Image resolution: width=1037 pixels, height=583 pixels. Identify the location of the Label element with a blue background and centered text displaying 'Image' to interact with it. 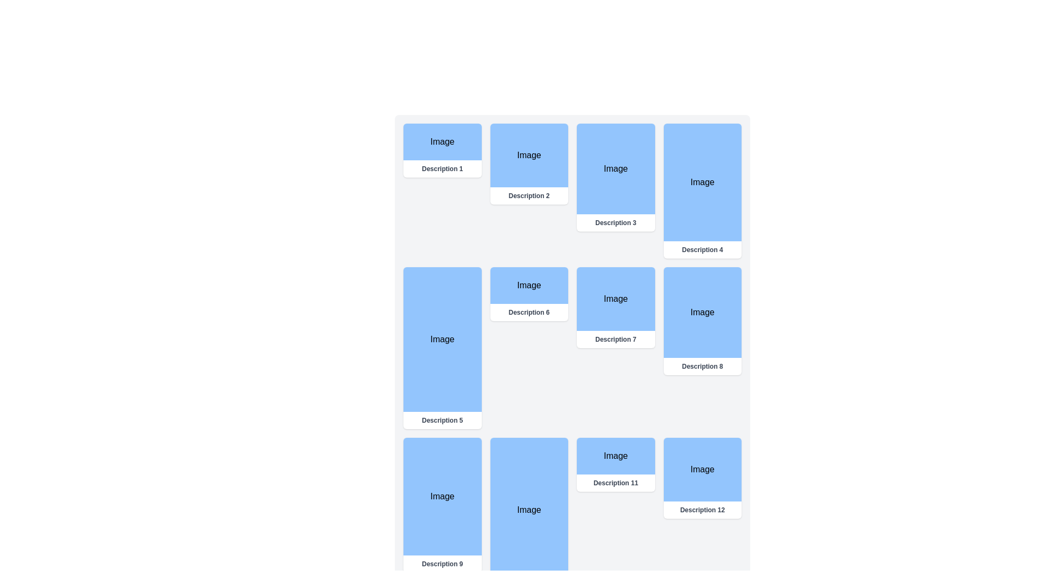
(442, 141).